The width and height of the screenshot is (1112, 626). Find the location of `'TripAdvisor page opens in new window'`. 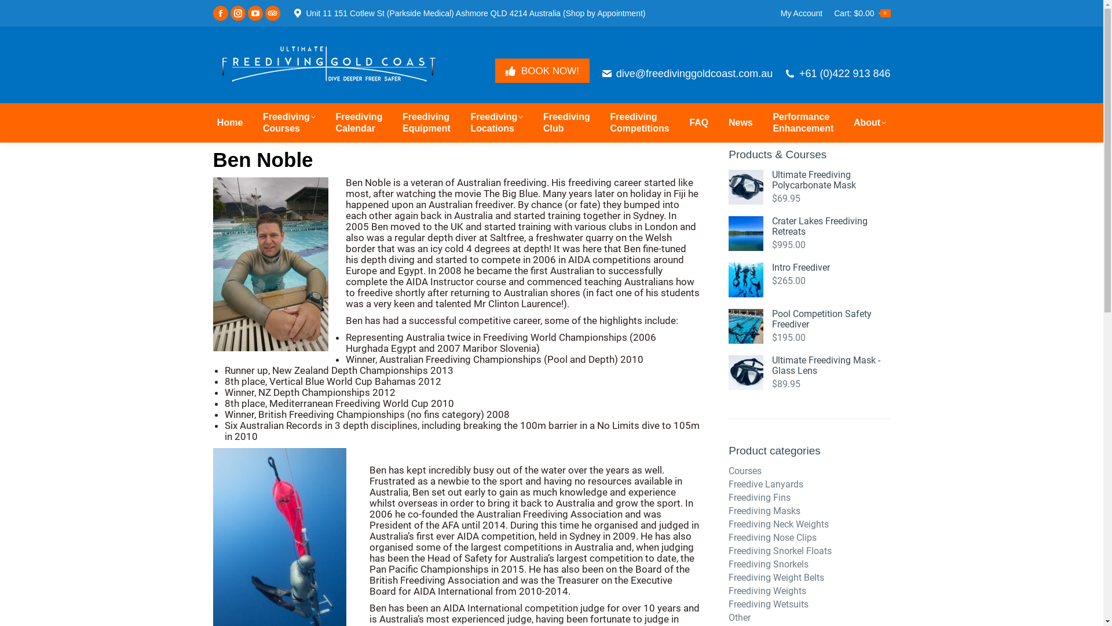

'TripAdvisor page opens in new window' is located at coordinates (272, 13).